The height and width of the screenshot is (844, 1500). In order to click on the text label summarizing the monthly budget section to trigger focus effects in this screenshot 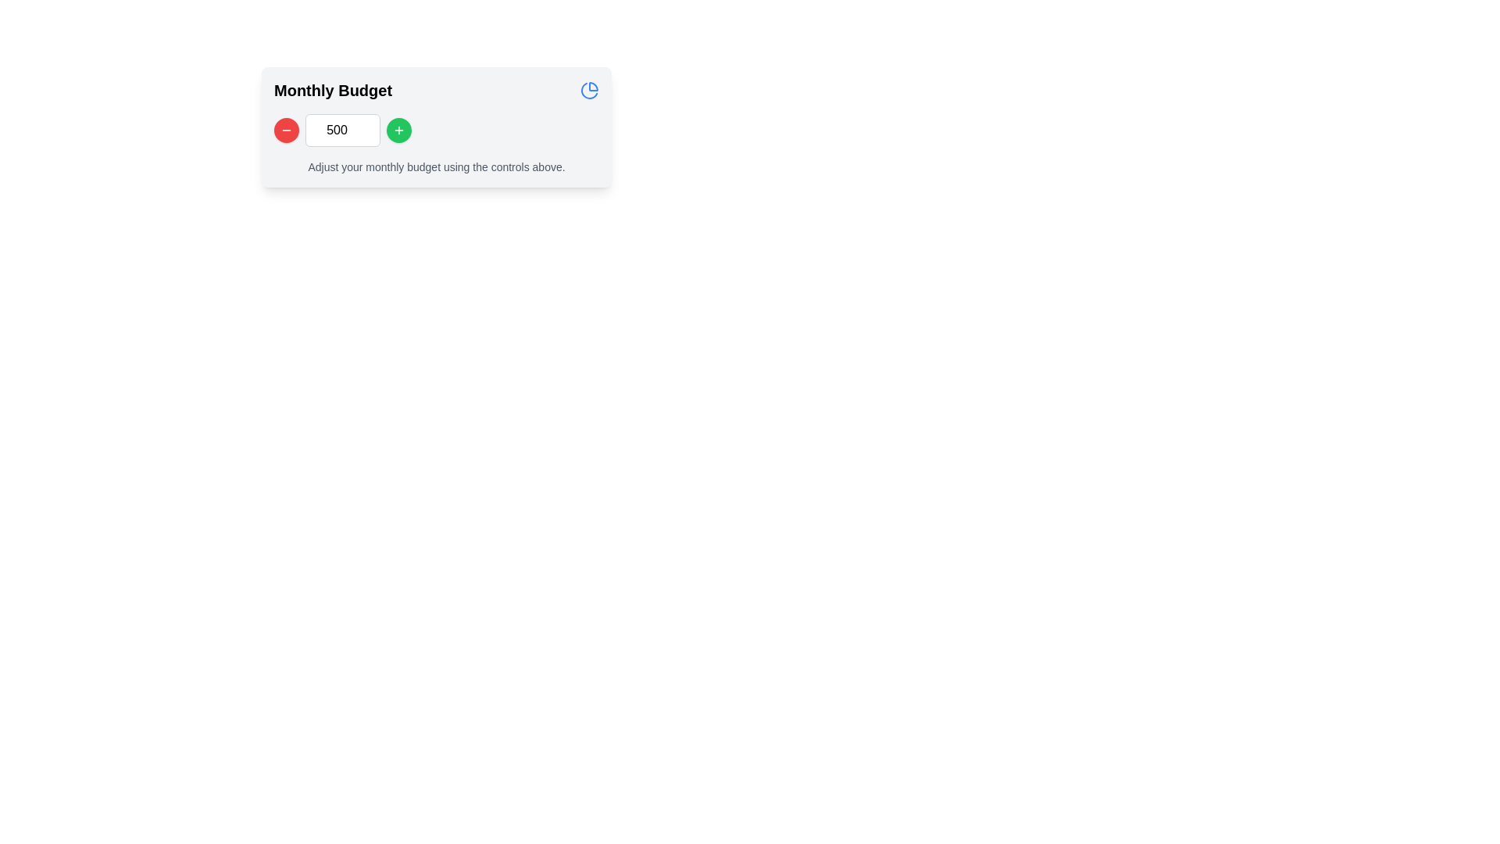, I will do `click(332, 90)`.